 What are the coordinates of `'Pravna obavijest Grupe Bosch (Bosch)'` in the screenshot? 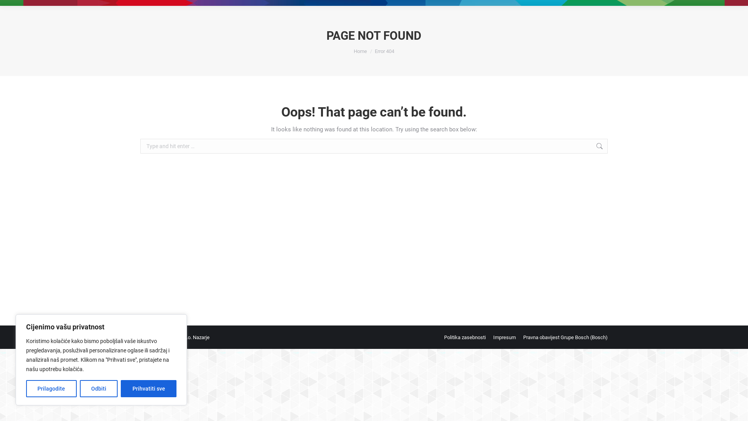 It's located at (565, 337).